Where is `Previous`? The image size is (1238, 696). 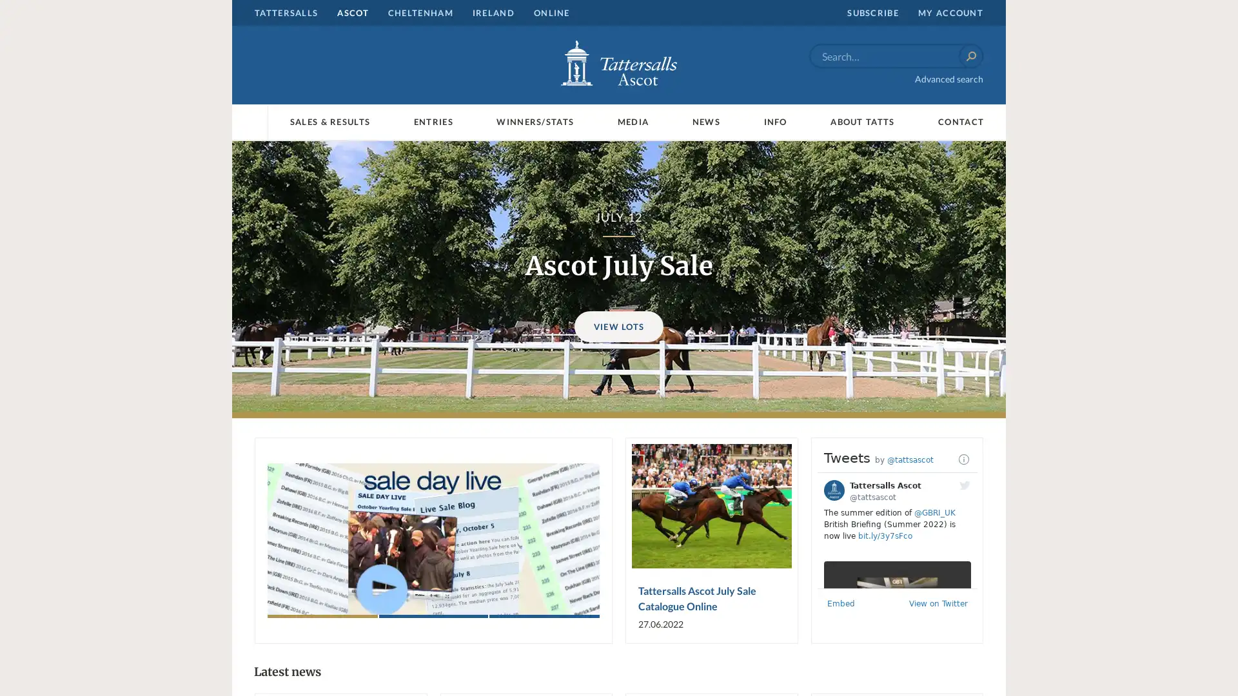
Previous is located at coordinates (283, 539).